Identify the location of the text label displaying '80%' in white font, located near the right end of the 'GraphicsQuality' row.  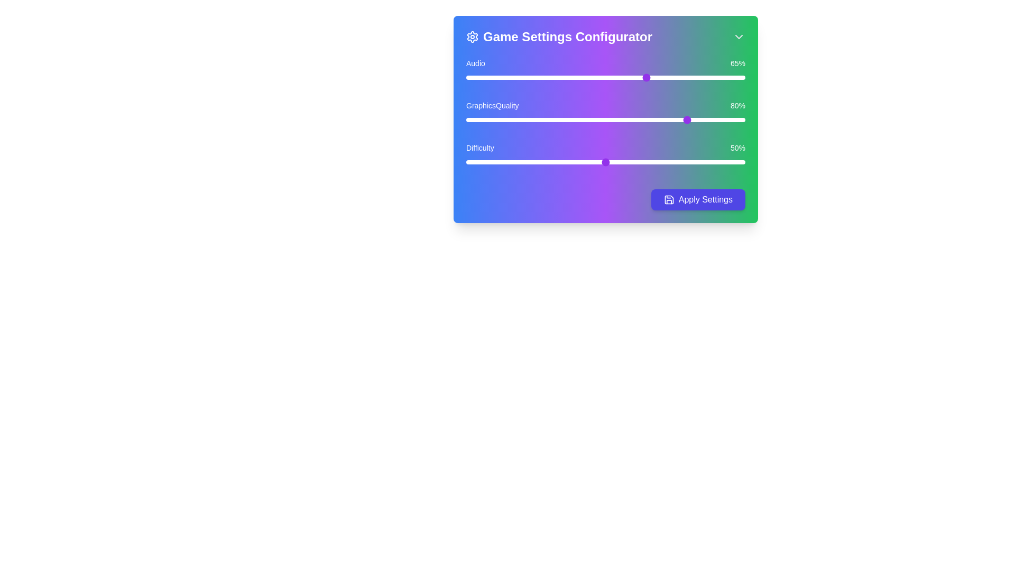
(737, 106).